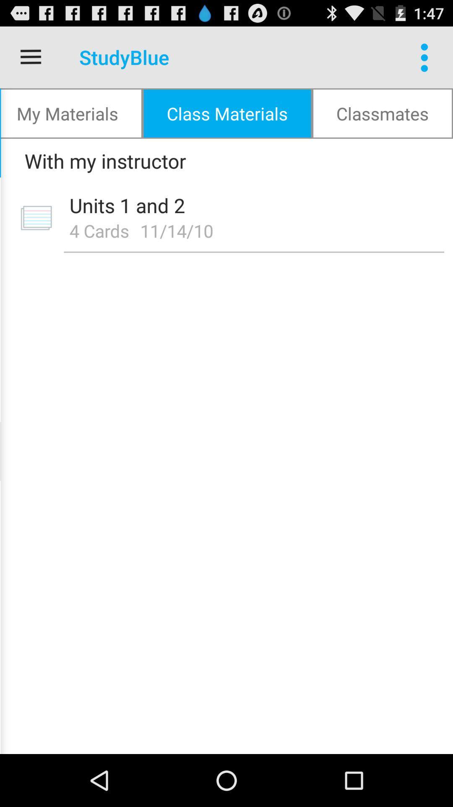 The width and height of the screenshot is (453, 807). Describe the element at coordinates (36, 218) in the screenshot. I see `icon next to the units 1 and item` at that location.